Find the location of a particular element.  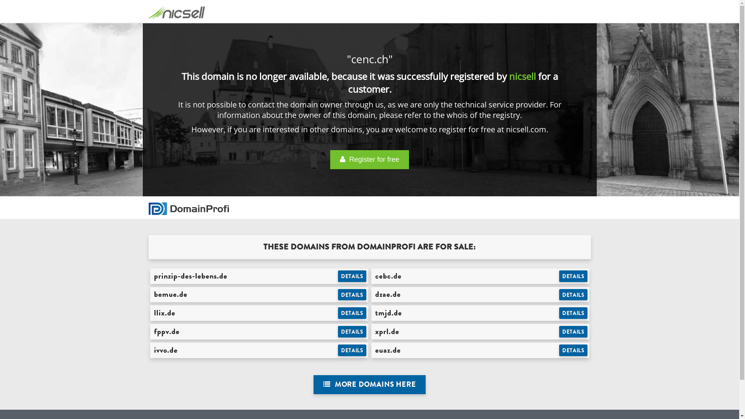

'DETAILS' is located at coordinates (352, 276).